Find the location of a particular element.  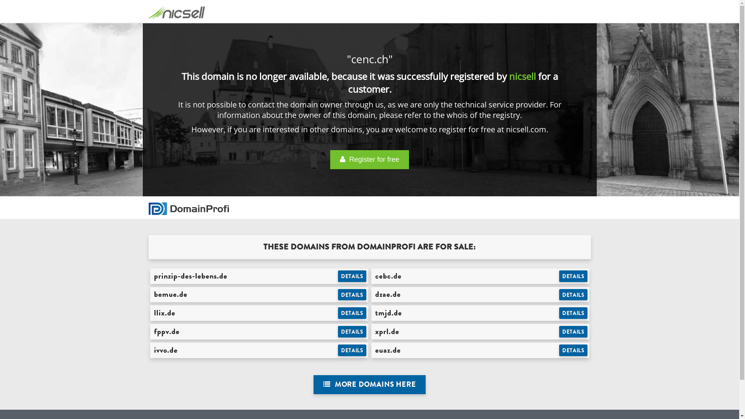

'DETAILS' is located at coordinates (352, 276).